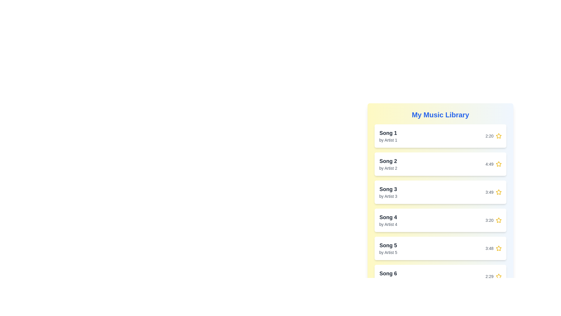  I want to click on text label 'Song 4' which is the bold title in the fourth list item under 'My Music Library', so click(388, 217).